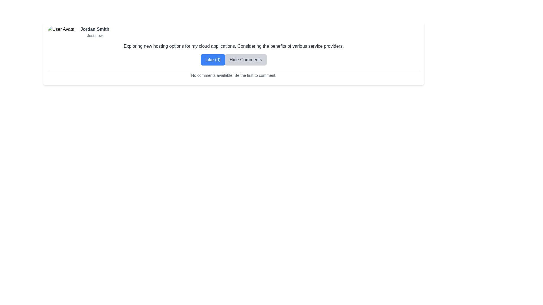 The image size is (543, 305). What do you see at coordinates (234, 75) in the screenshot?
I see `the Text Display element that states 'No comments available. Be the first to comment.' which is styled in a small, gray font and located below a horizontal border line` at bounding box center [234, 75].